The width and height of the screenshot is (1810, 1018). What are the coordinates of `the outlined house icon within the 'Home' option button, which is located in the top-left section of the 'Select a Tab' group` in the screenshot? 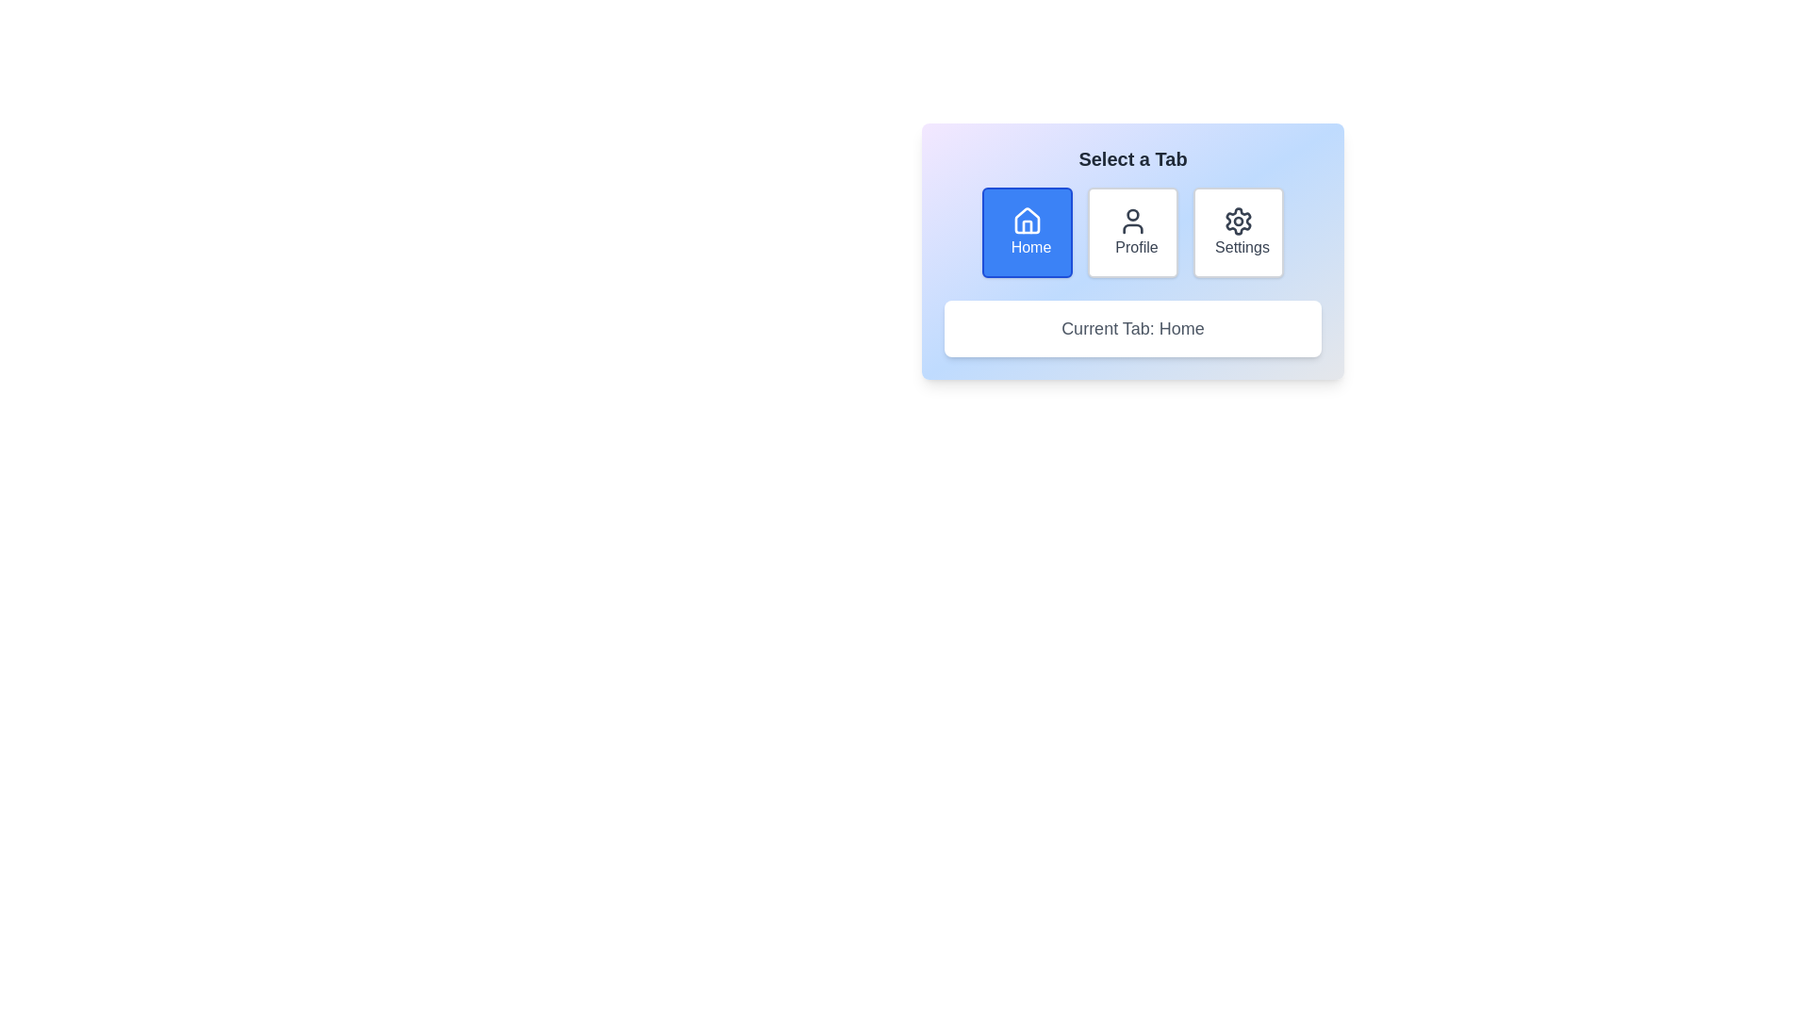 It's located at (1026, 221).